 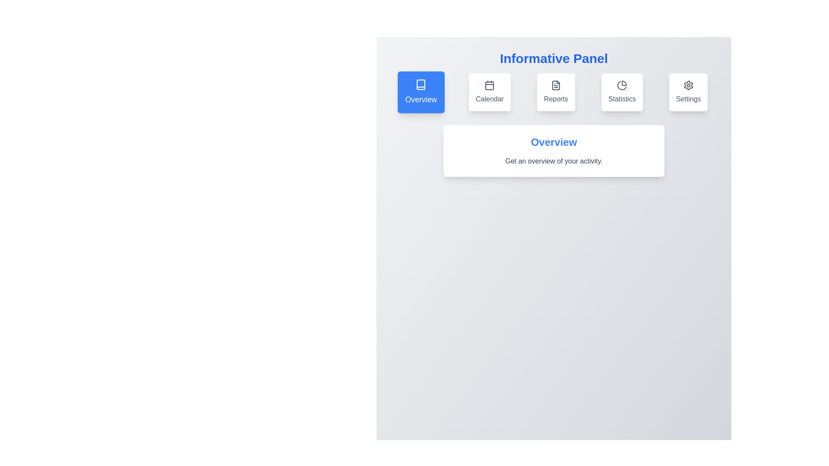 What do you see at coordinates (688, 85) in the screenshot?
I see `the cogwheel icon in the settings group located in the top-right segment of the panel, adjacent to the 'Statistics' icon` at bounding box center [688, 85].